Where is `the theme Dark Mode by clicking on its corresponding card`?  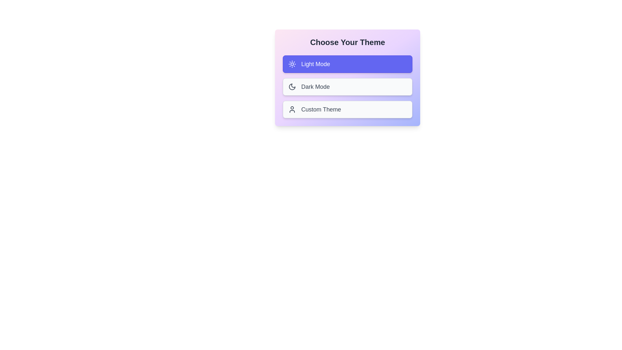 the theme Dark Mode by clicking on its corresponding card is located at coordinates (347, 86).